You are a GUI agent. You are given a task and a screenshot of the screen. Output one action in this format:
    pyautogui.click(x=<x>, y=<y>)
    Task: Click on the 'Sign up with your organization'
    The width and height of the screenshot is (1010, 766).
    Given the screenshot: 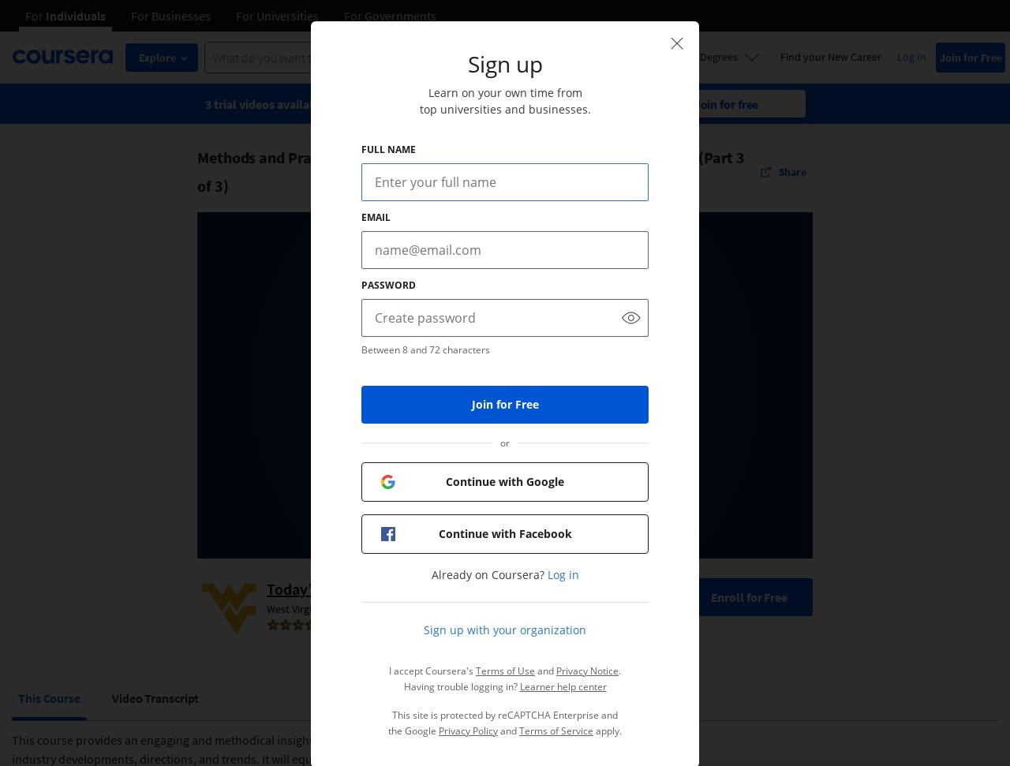 What is the action you would take?
    pyautogui.click(x=505, y=630)
    